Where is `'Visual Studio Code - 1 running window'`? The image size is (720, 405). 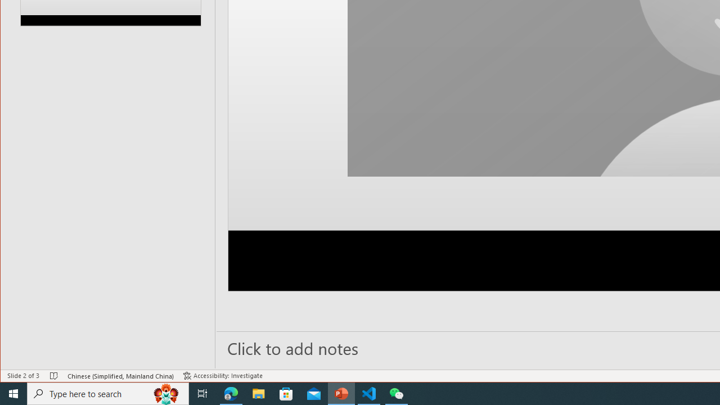 'Visual Studio Code - 1 running window' is located at coordinates (369, 393).